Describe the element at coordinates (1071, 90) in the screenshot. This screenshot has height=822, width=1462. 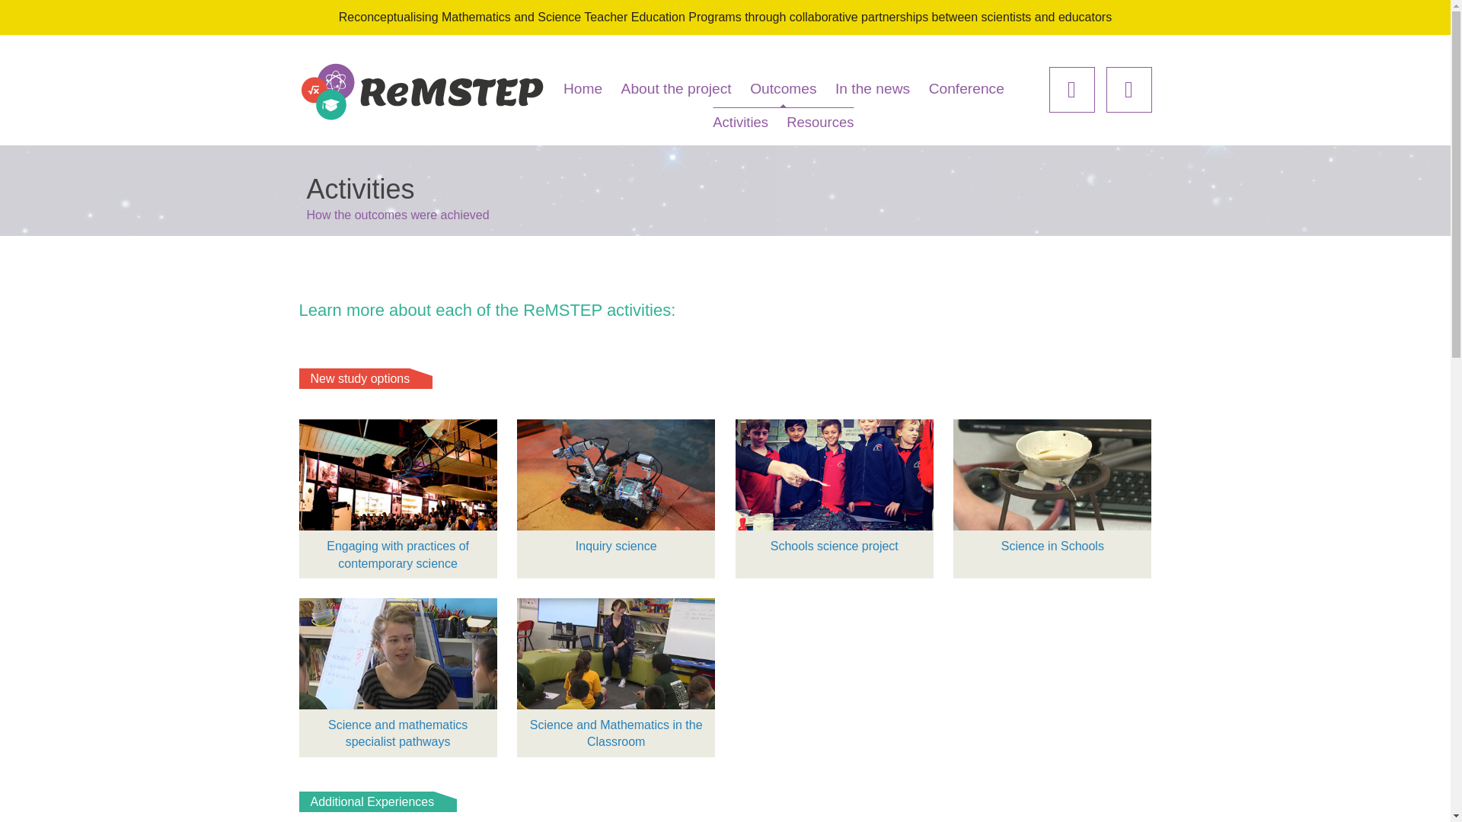
I see `'Twitter'` at that location.